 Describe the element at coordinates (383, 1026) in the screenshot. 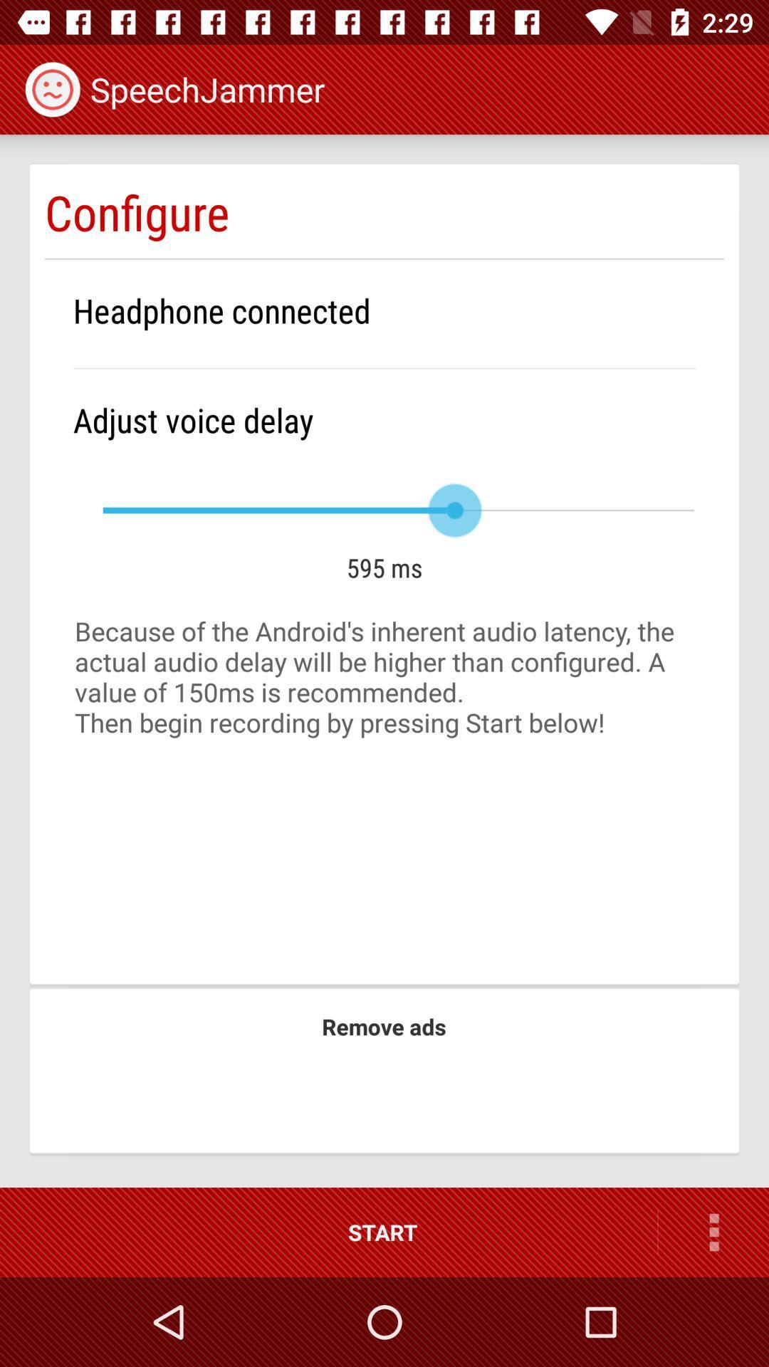

I see `the remove ads app` at that location.